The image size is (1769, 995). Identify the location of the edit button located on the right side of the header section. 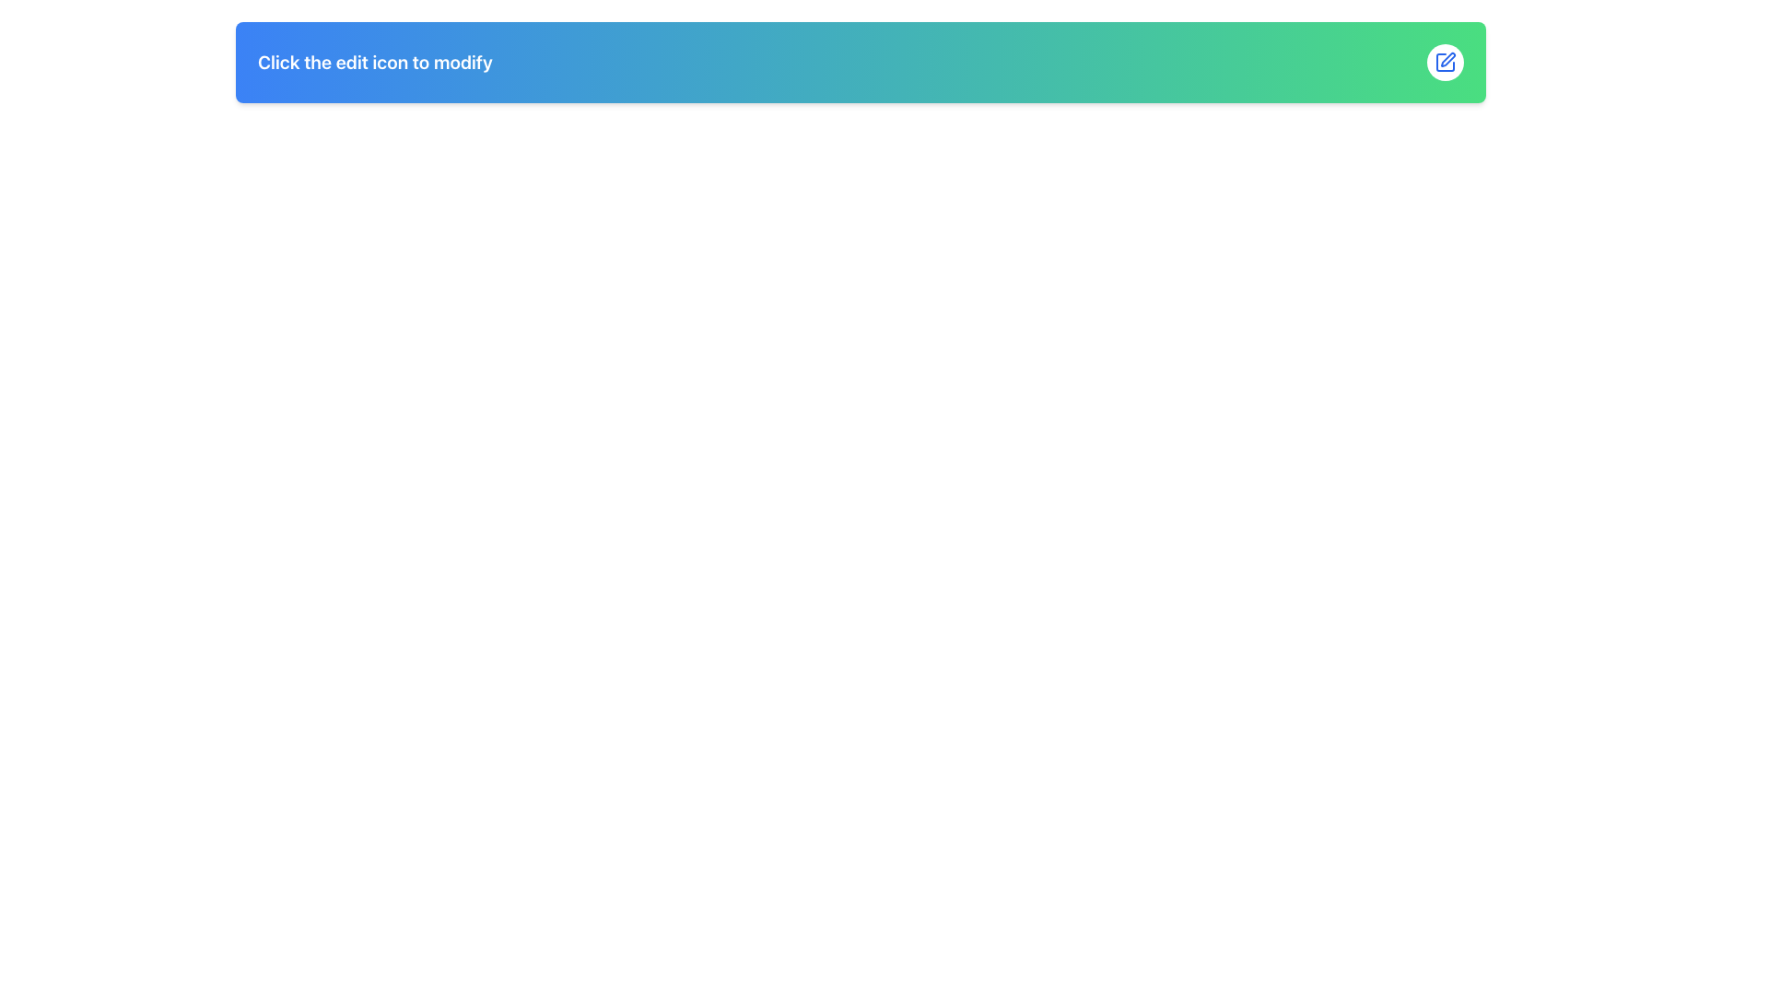
(1445, 62).